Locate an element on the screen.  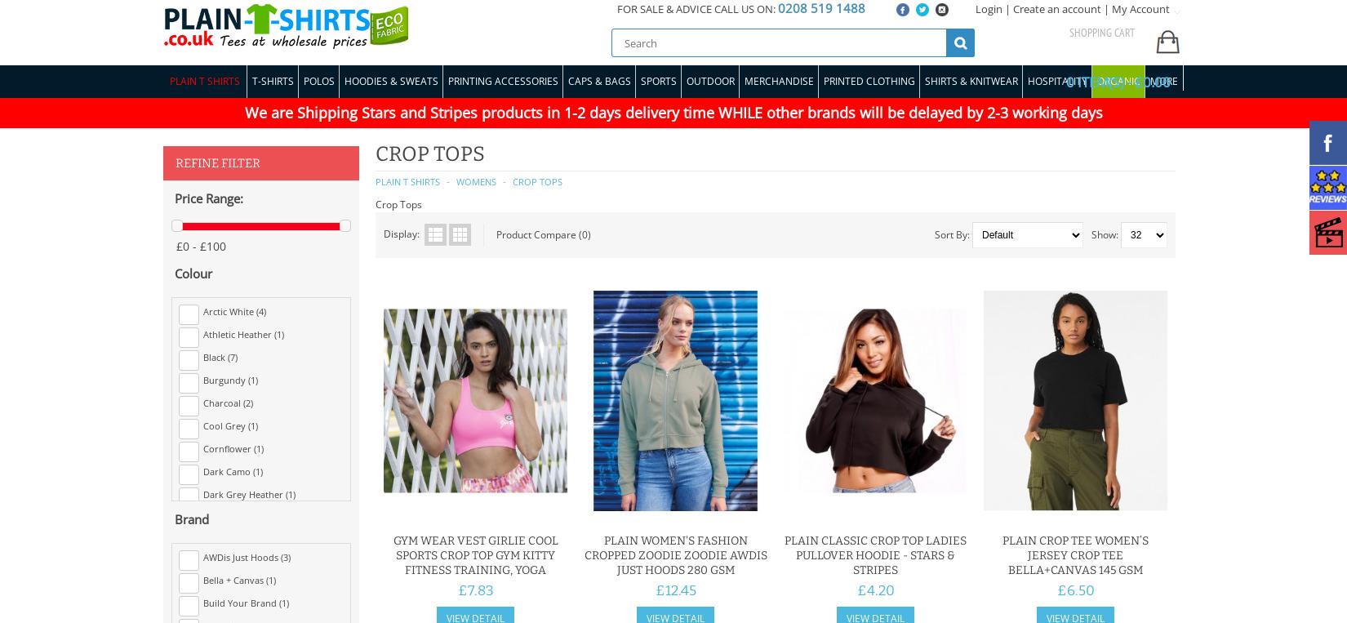
'Burgundy (1)' is located at coordinates (230, 378).